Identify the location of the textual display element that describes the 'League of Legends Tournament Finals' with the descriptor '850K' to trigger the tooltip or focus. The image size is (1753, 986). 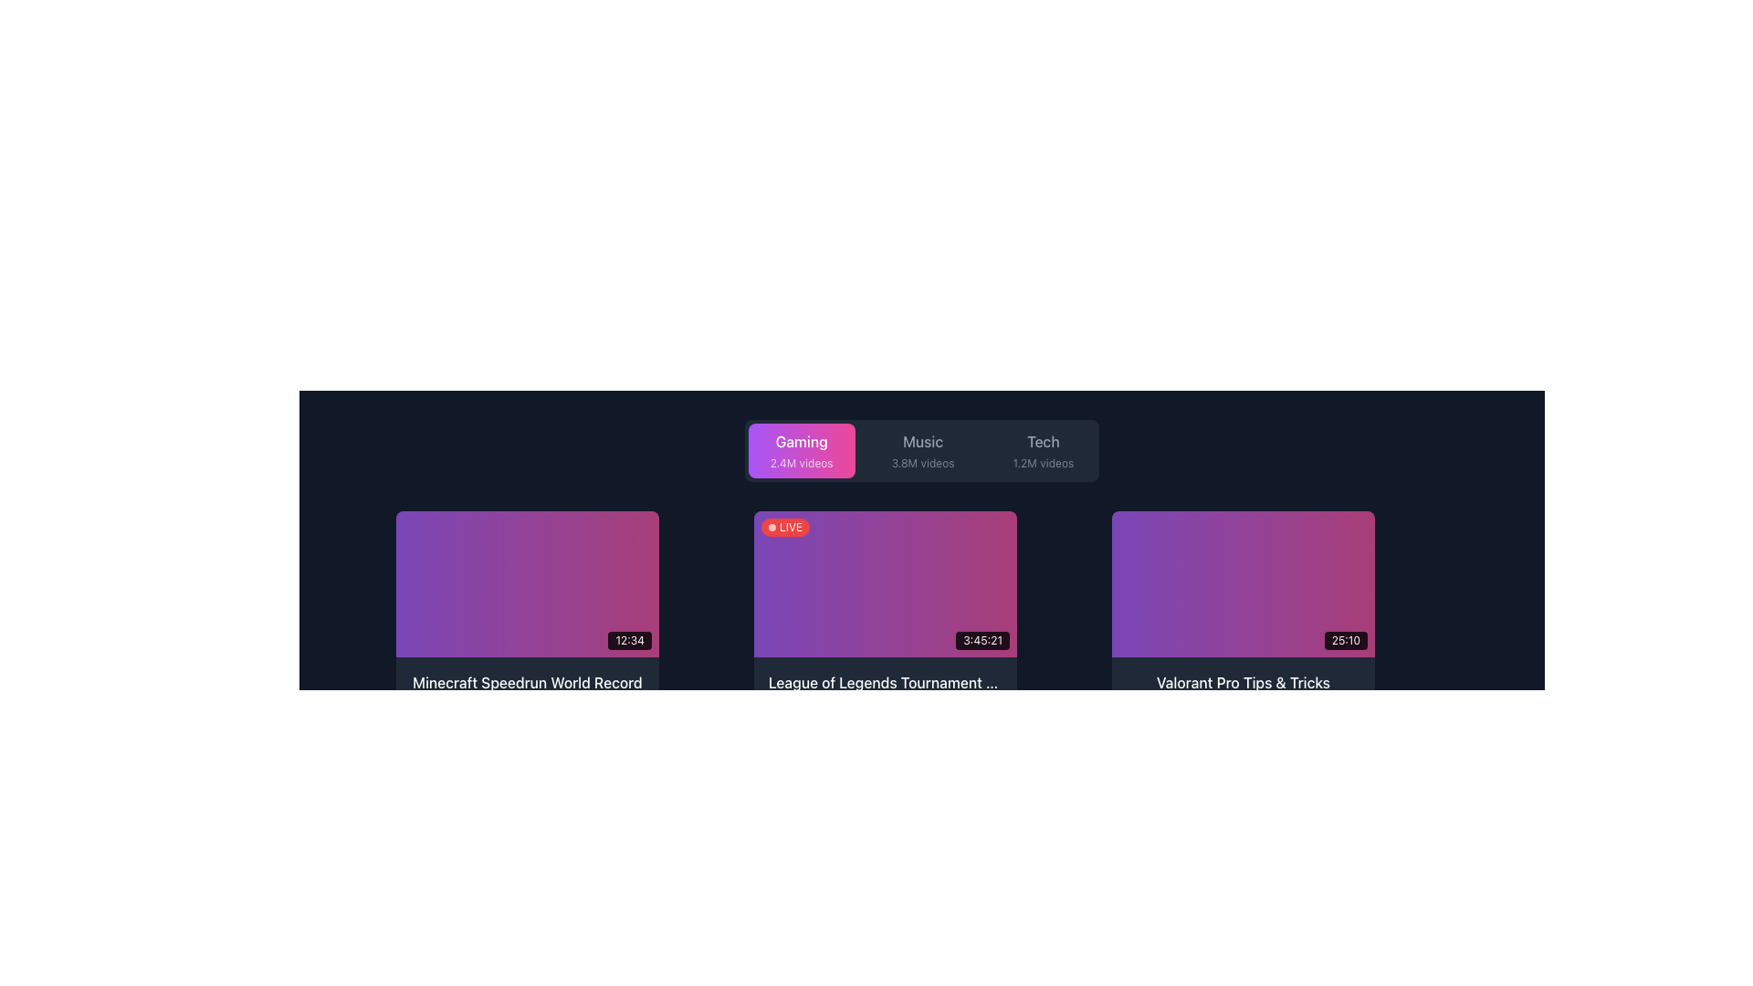
(885, 696).